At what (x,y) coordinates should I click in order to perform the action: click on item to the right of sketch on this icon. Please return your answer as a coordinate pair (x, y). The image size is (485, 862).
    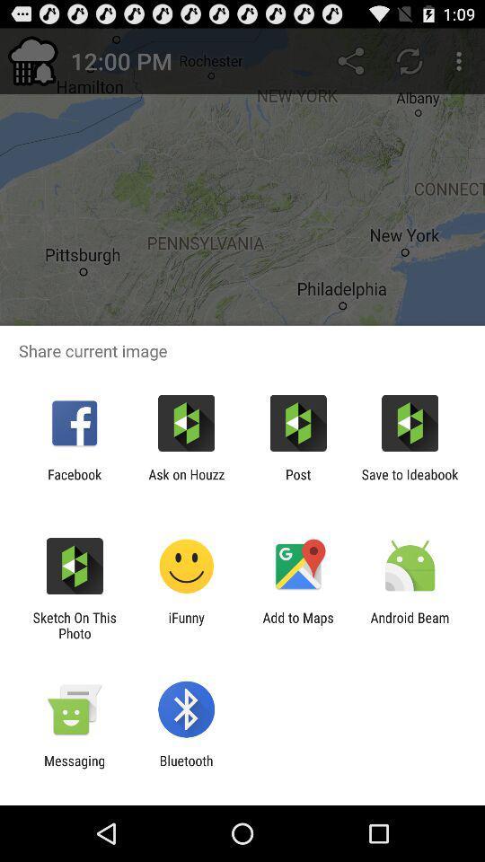
    Looking at the image, I should click on (185, 625).